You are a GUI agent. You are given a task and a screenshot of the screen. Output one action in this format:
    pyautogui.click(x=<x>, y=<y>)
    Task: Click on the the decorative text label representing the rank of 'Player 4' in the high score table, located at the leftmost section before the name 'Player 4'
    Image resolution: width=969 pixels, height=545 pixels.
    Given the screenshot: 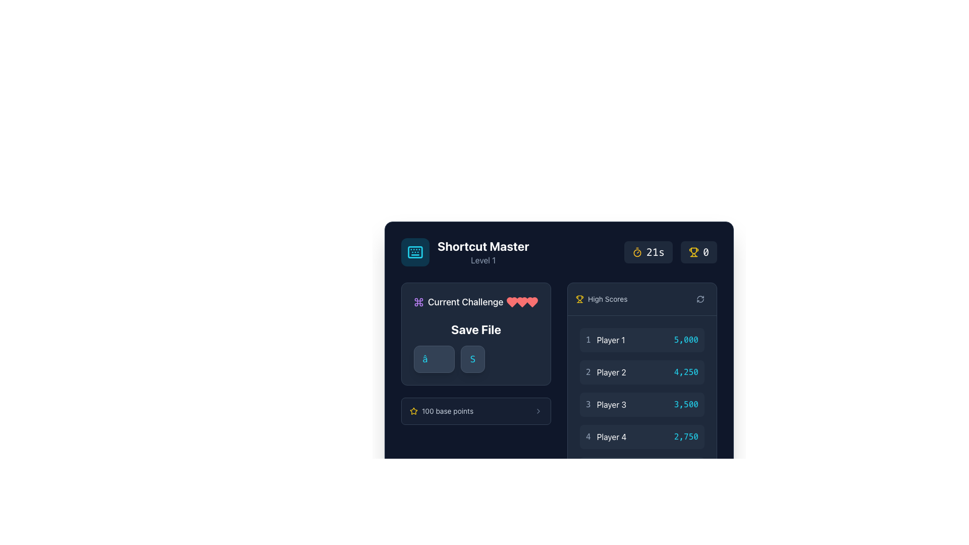 What is the action you would take?
    pyautogui.click(x=588, y=437)
    